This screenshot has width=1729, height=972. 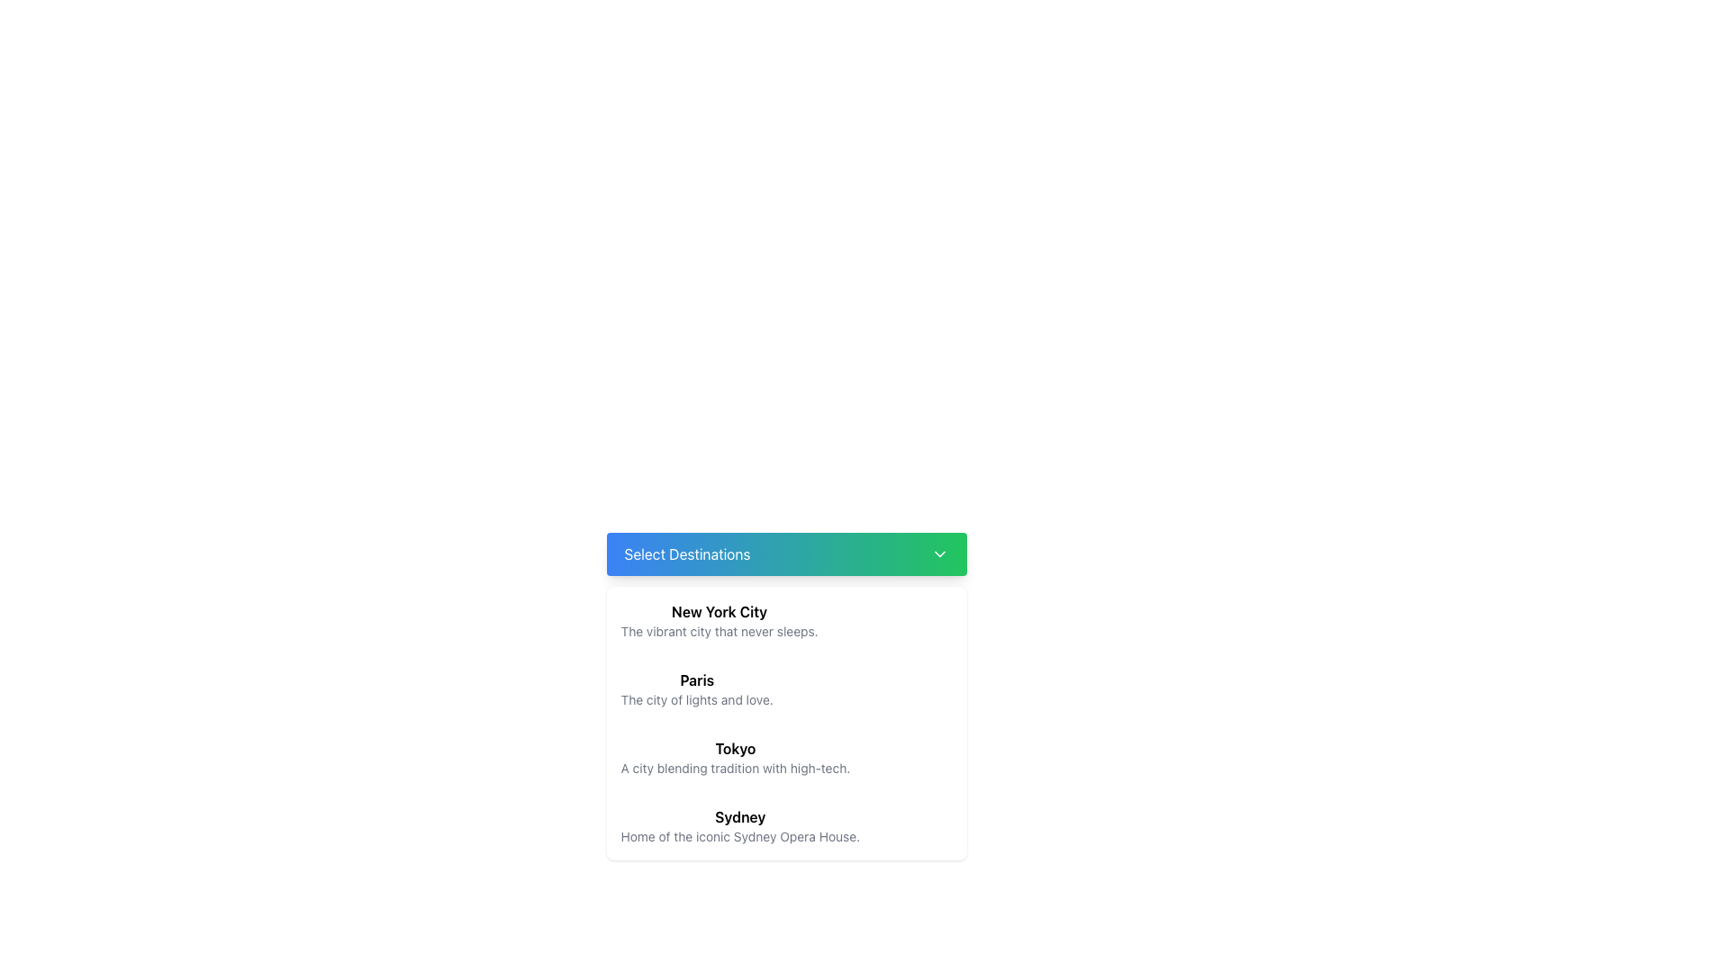 What do you see at coordinates (696, 699) in the screenshot?
I see `the small-sized, light-gray-font descriptive text containing the phrase 'The city of lights and love.' that is positioned beneath the bold 'Paris' text in the white card layout` at bounding box center [696, 699].